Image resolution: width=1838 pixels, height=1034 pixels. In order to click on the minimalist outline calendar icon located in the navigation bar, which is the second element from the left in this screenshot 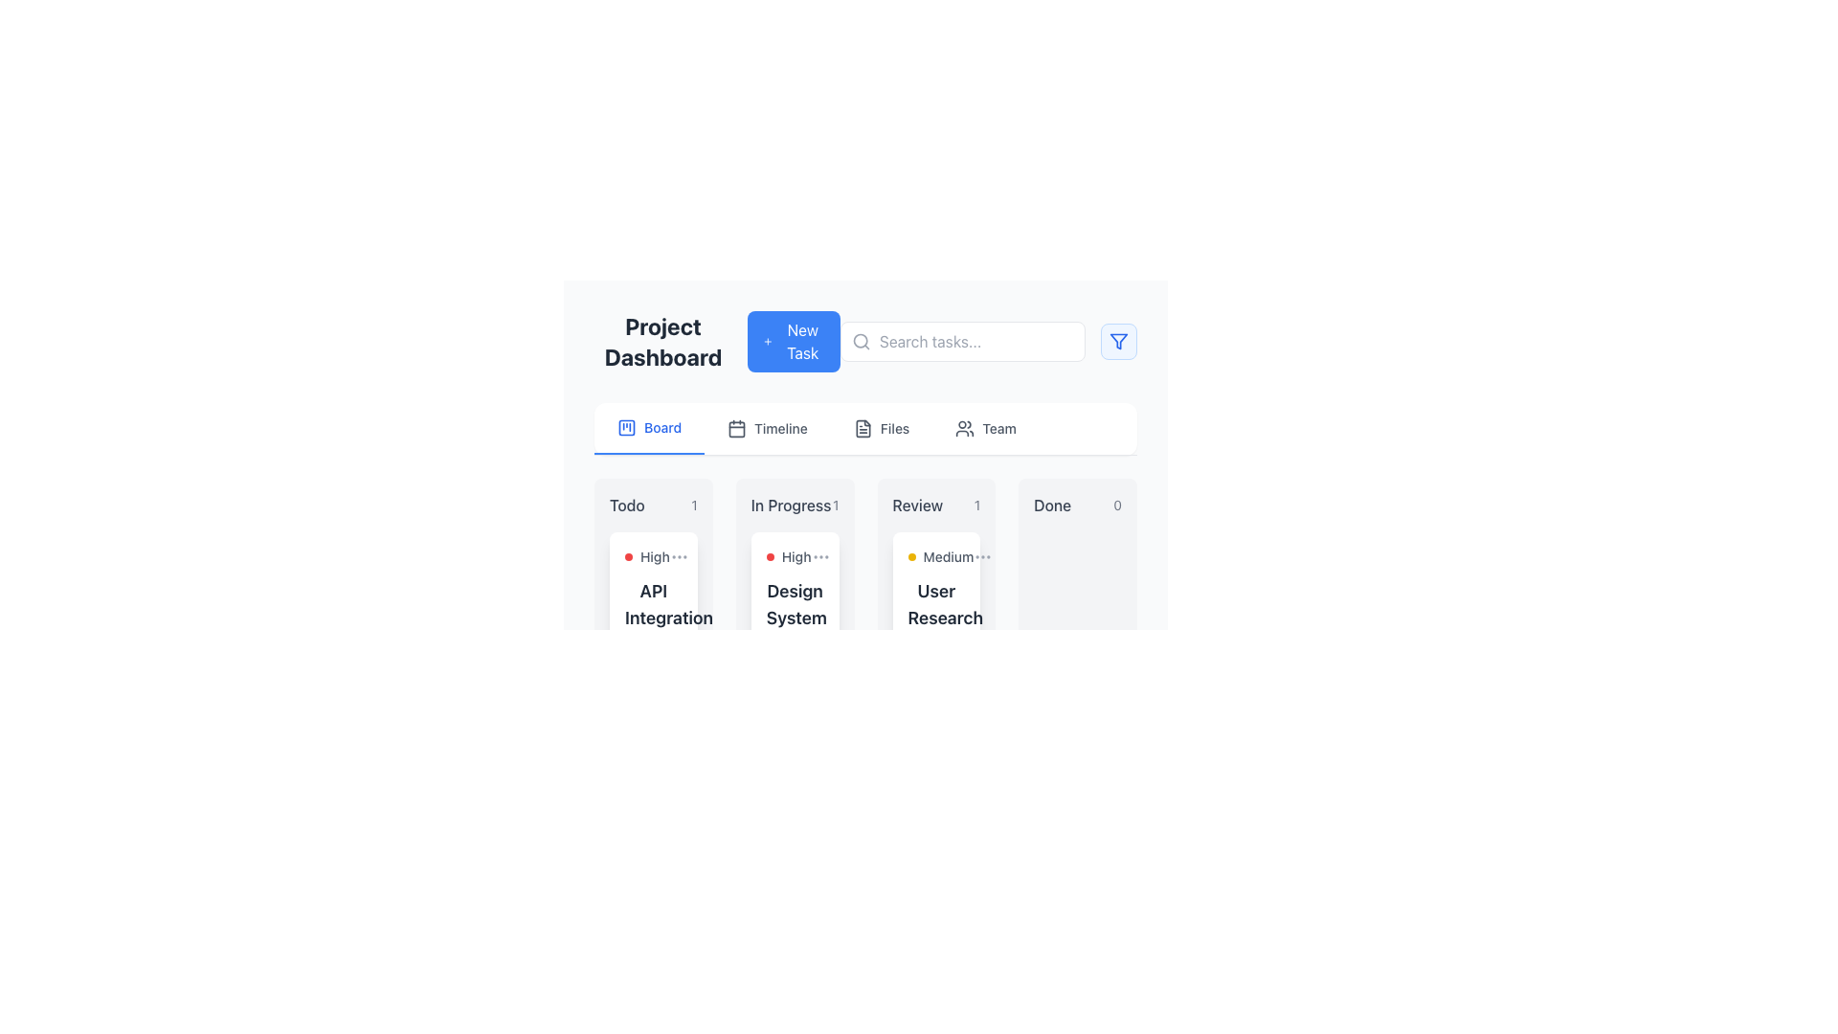, I will do `click(736, 427)`.